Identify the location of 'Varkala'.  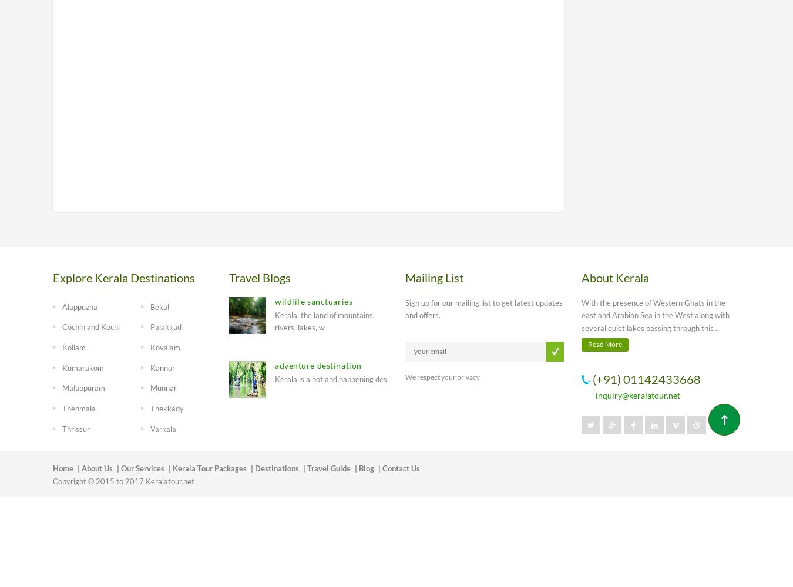
(149, 428).